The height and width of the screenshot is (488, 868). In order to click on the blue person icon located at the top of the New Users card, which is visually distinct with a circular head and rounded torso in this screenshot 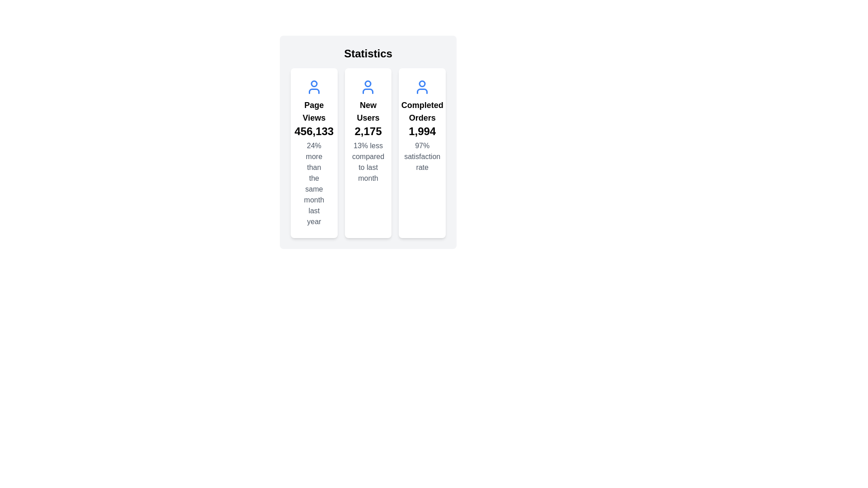, I will do `click(368, 87)`.